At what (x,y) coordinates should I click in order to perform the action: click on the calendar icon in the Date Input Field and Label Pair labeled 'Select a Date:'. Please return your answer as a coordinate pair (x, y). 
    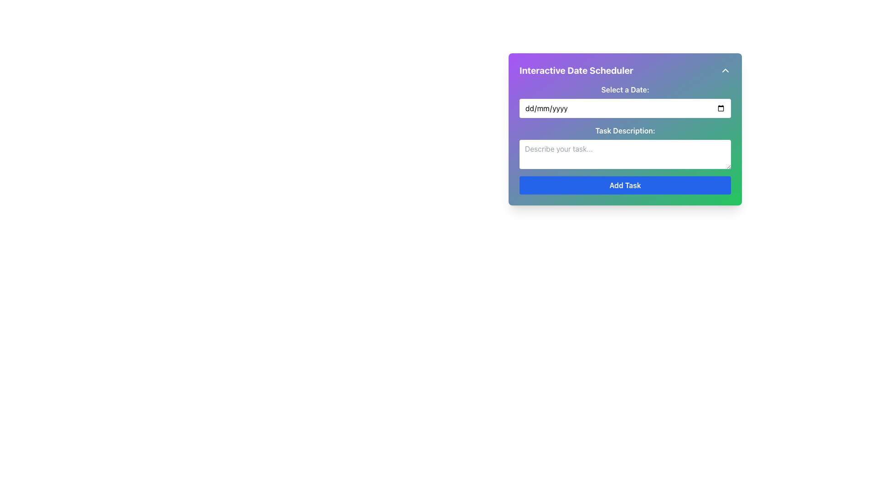
    Looking at the image, I should click on (625, 101).